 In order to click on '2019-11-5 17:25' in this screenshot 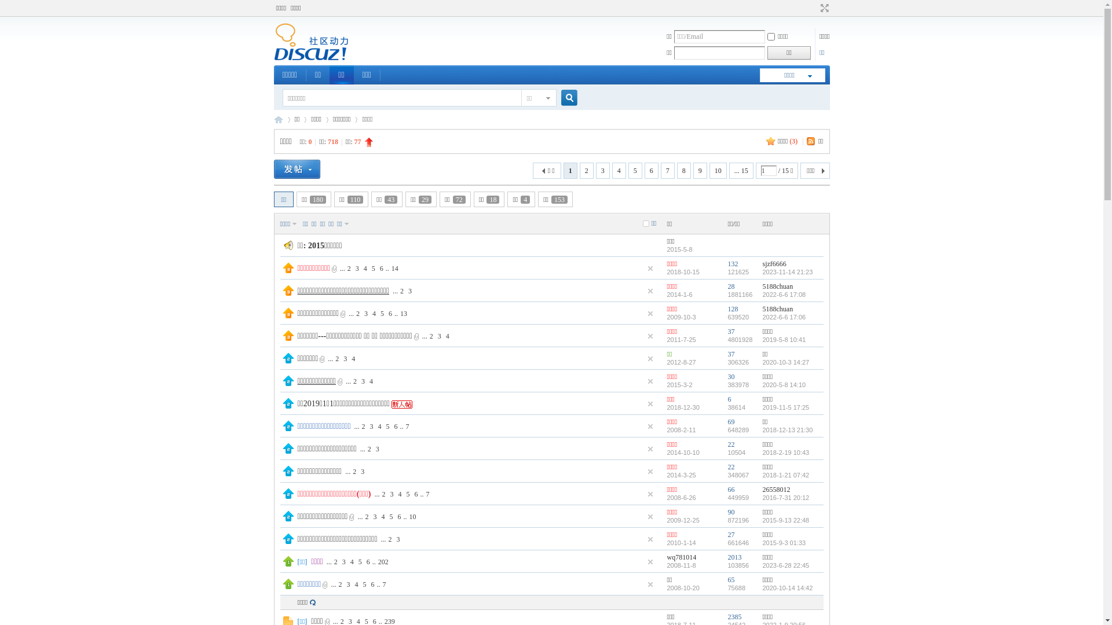, I will do `click(785, 407)`.